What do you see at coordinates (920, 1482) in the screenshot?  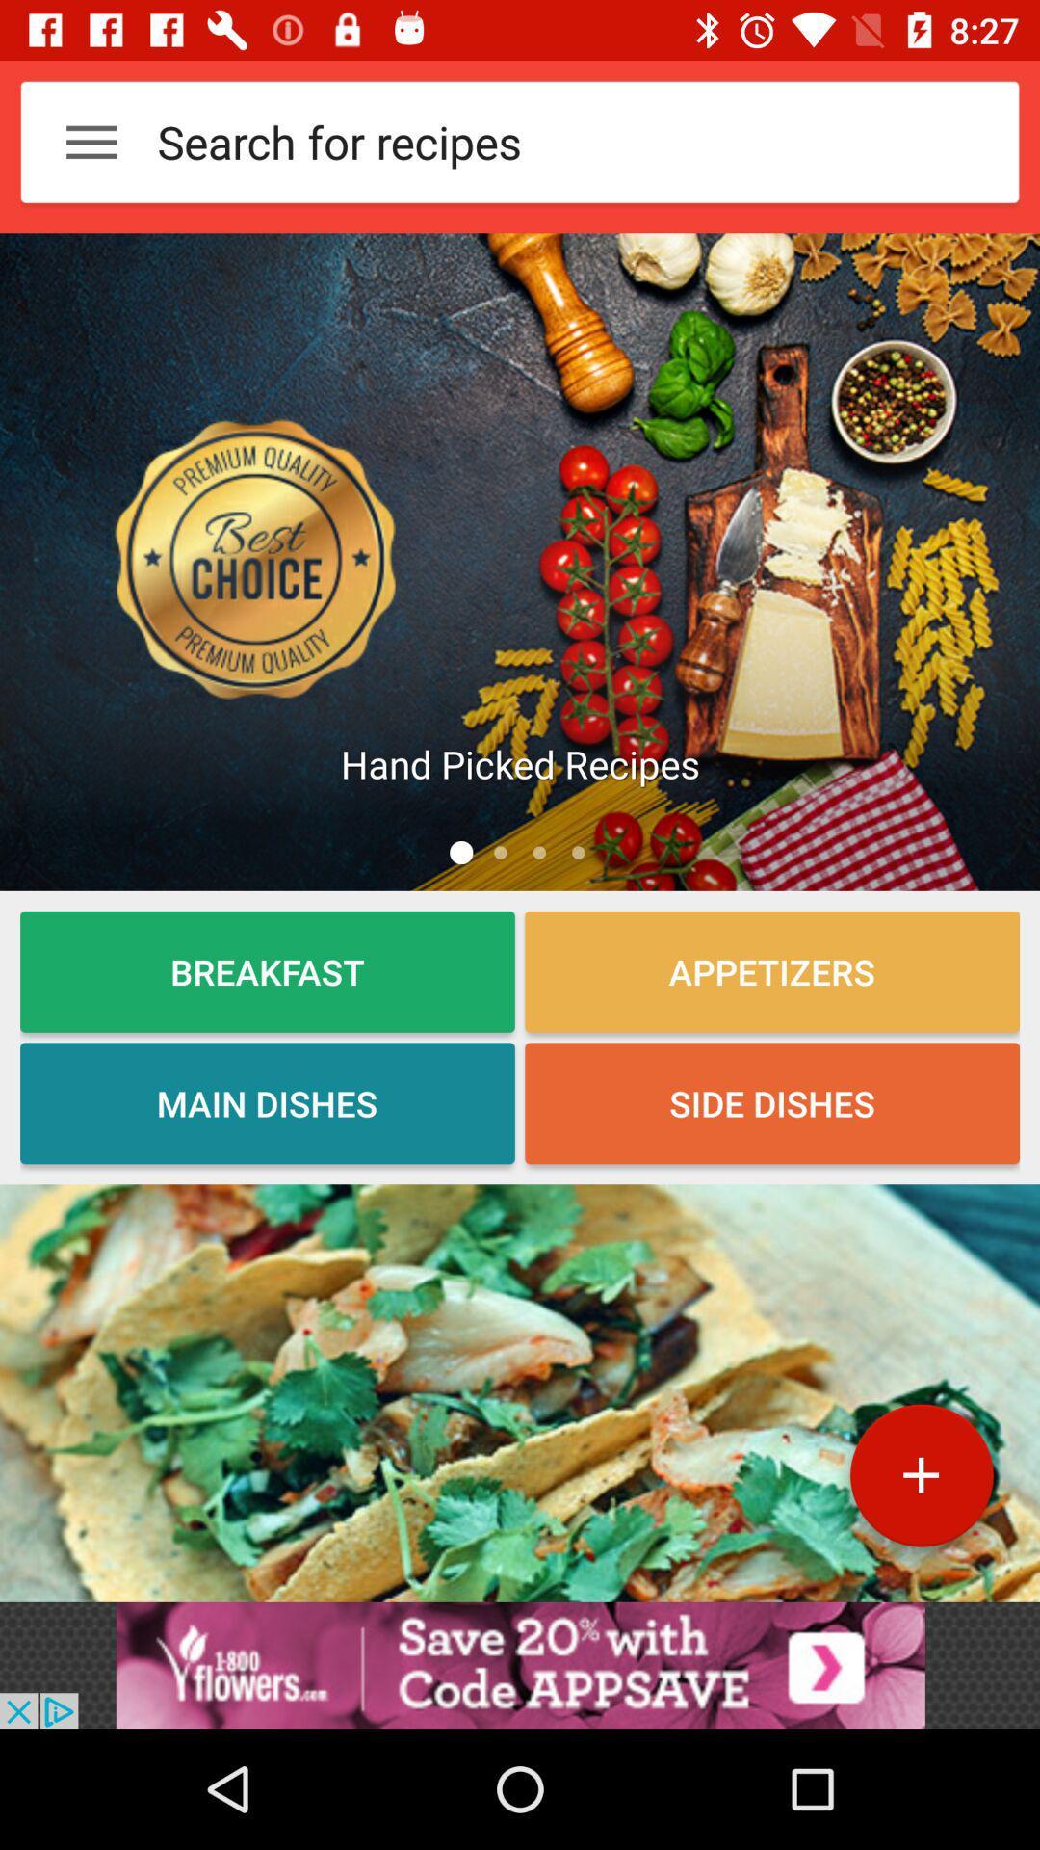 I see `the add icon` at bounding box center [920, 1482].